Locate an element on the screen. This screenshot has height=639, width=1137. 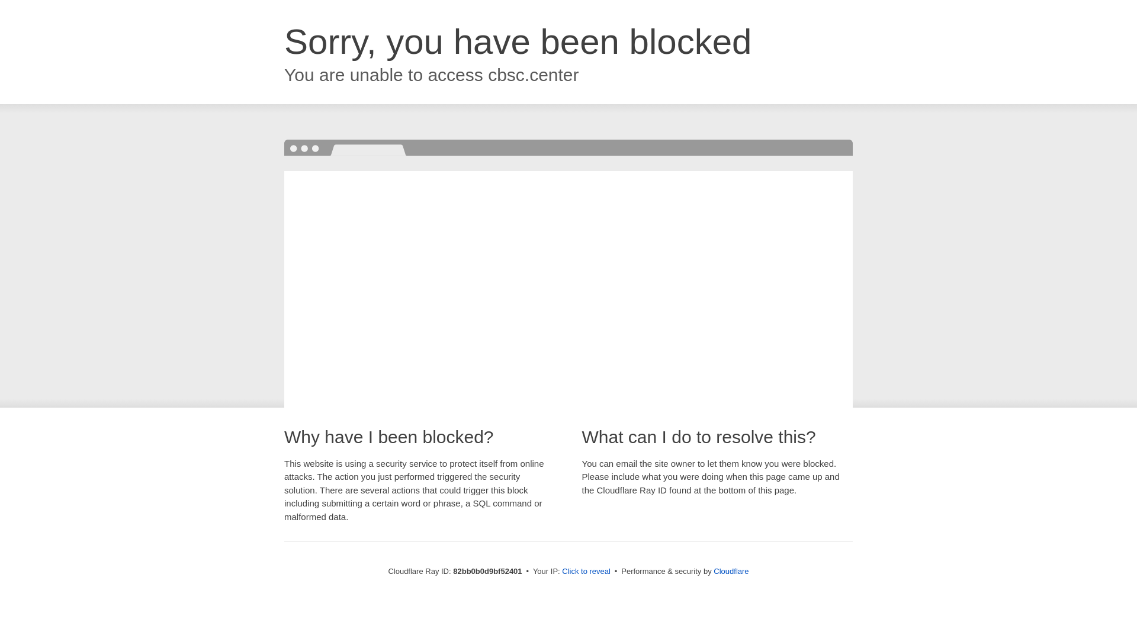
'Cloudflare' is located at coordinates (712, 570).